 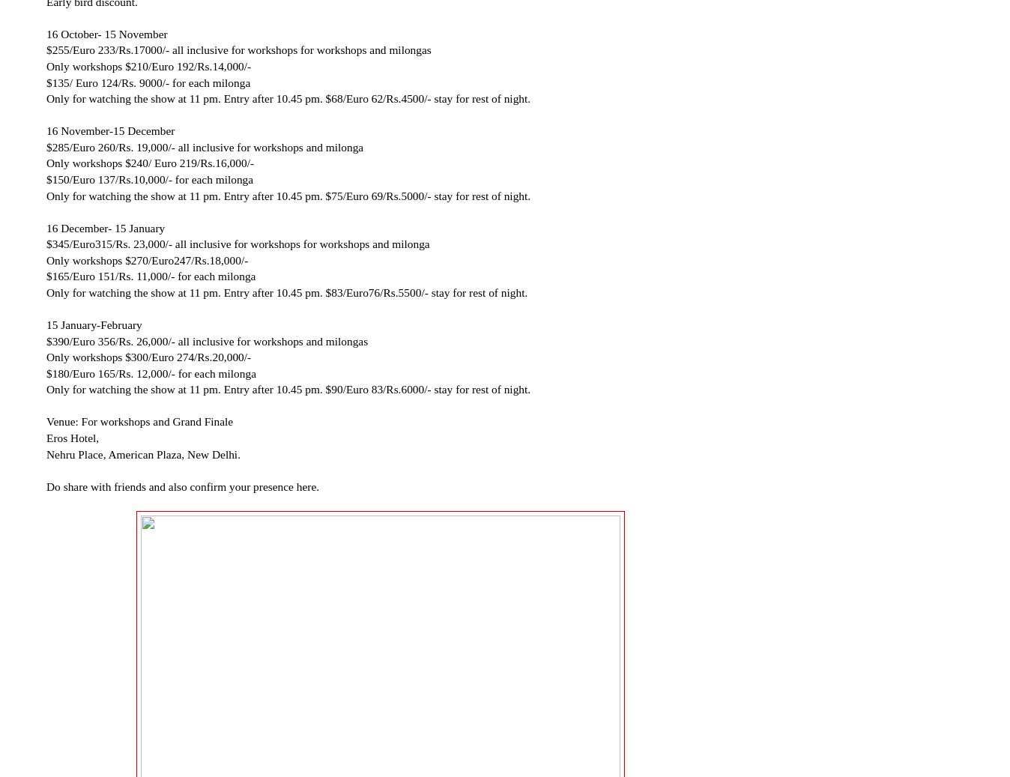 I want to click on 'Only workshops $270/Euro247/Rs.18,000/-', so click(x=147, y=259).